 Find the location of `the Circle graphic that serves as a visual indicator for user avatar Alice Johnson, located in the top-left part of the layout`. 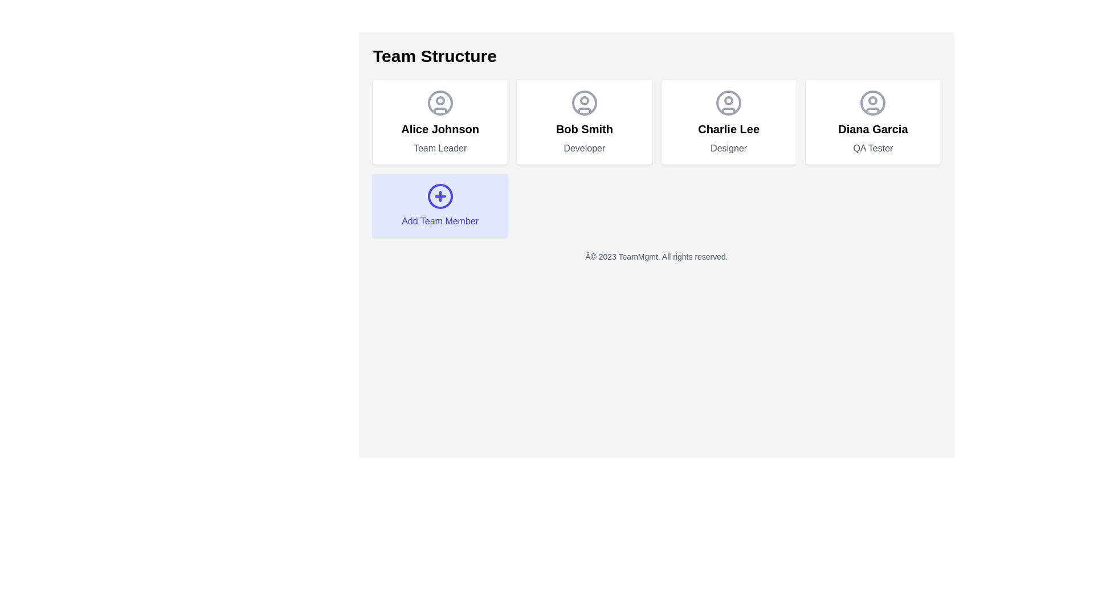

the Circle graphic that serves as a visual indicator for user avatar Alice Johnson, located in the top-left part of the layout is located at coordinates (439, 100).